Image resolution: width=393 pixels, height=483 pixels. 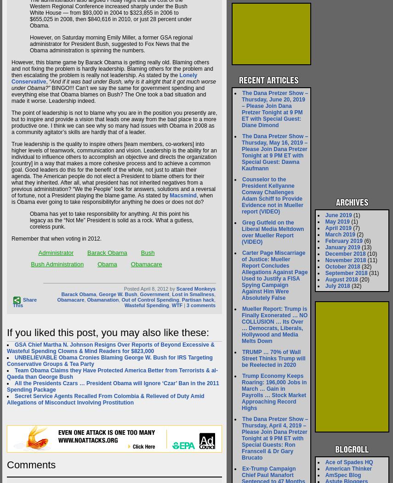 What do you see at coordinates (113, 85) in the screenshot?
I see `'“And if it was bad under Bush, why is it alright that it got much worse under Obama?”'` at bounding box center [113, 85].